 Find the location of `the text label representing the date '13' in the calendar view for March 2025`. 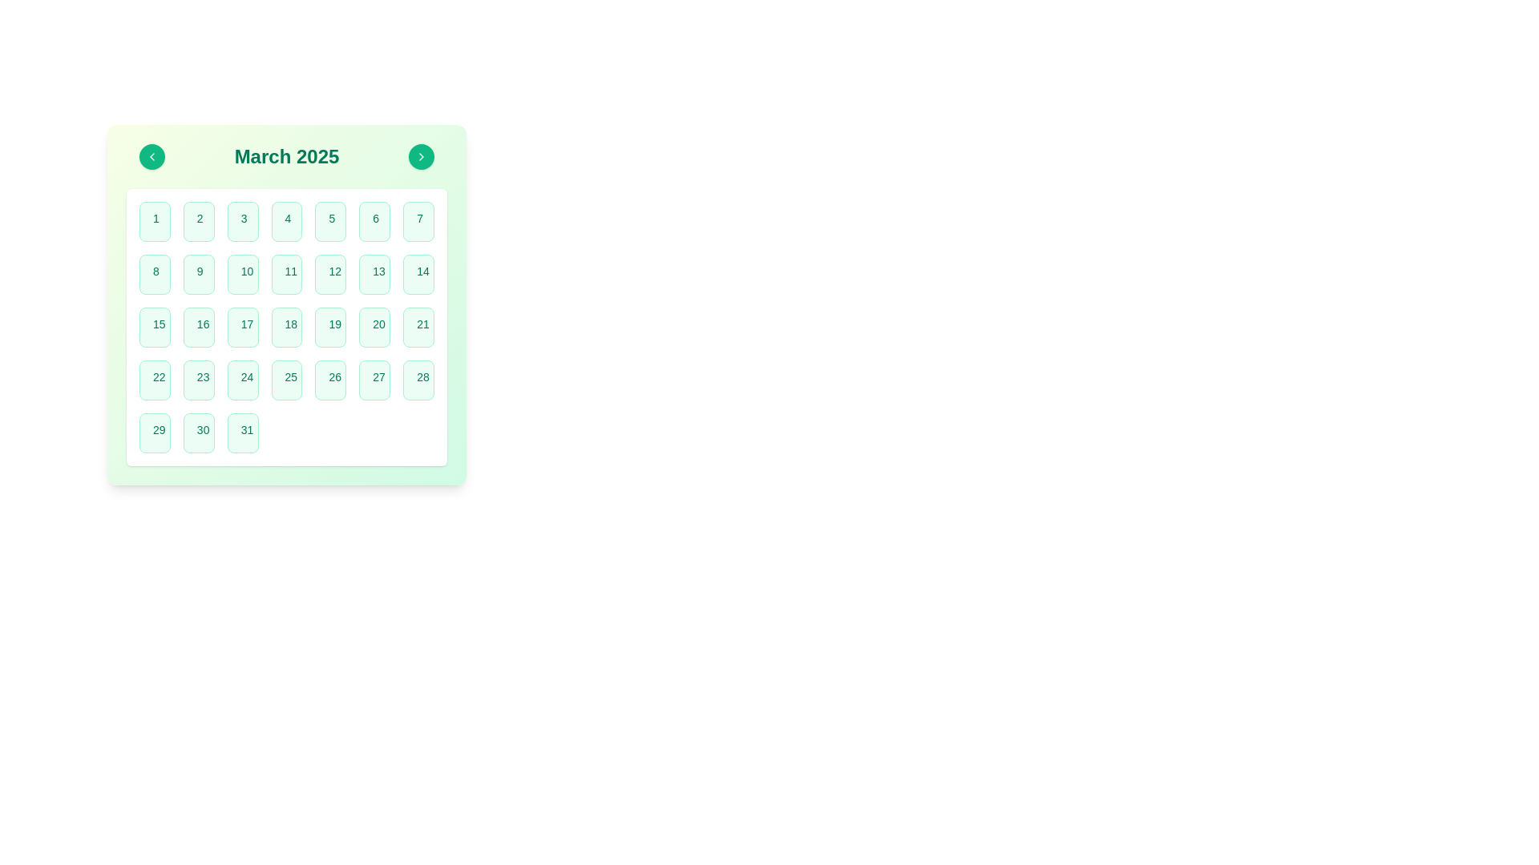

the text label representing the date '13' in the calendar view for March 2025 is located at coordinates (378, 271).